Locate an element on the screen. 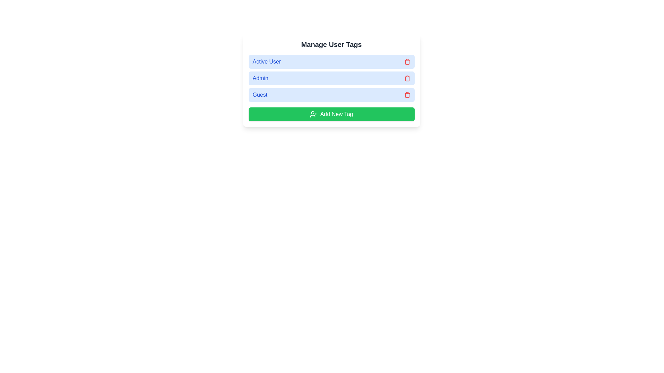  the 'Admin' tag label for potential editing, located in the 'Manage User Tags' section as the second entry in the list is located at coordinates (331, 78).